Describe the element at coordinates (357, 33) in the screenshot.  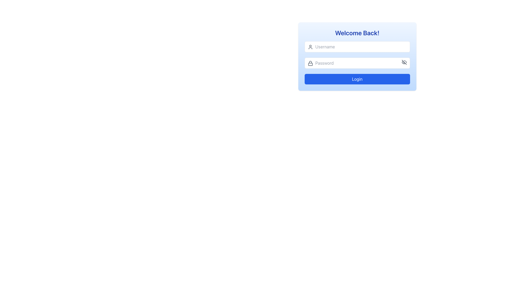
I see `the text element displaying 'Welcome Back!' in a bold, large blue font, located at the top of a centered panel` at that location.